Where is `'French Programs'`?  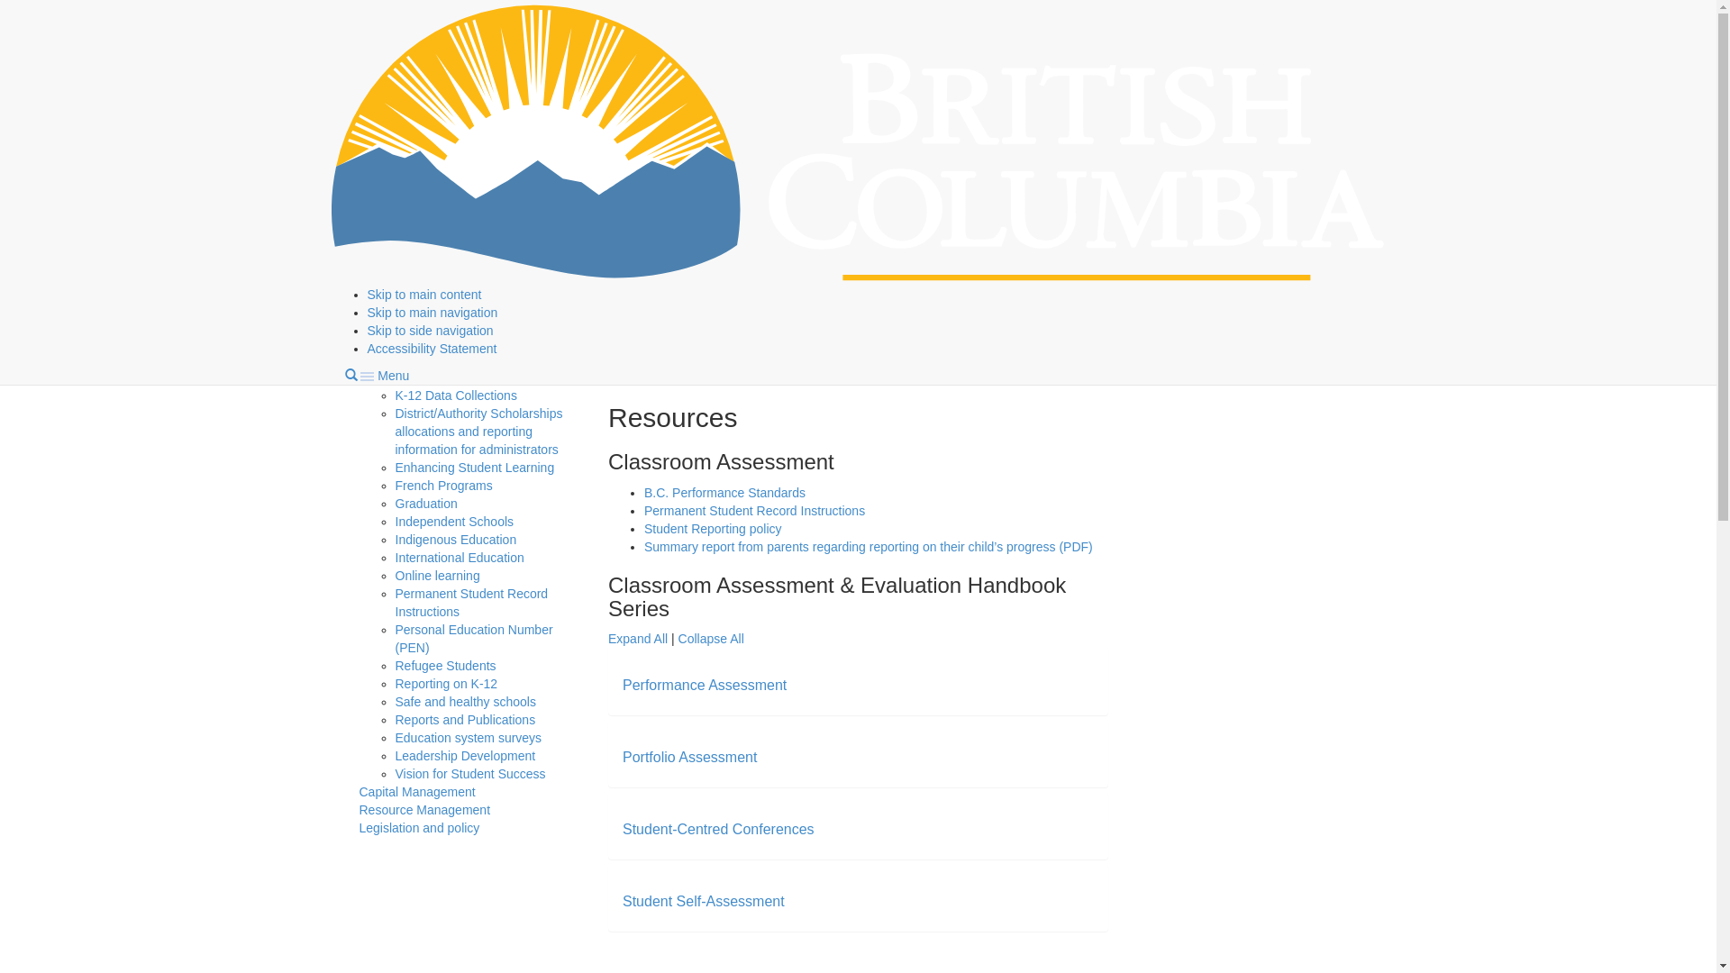
'French Programs' is located at coordinates (442, 485).